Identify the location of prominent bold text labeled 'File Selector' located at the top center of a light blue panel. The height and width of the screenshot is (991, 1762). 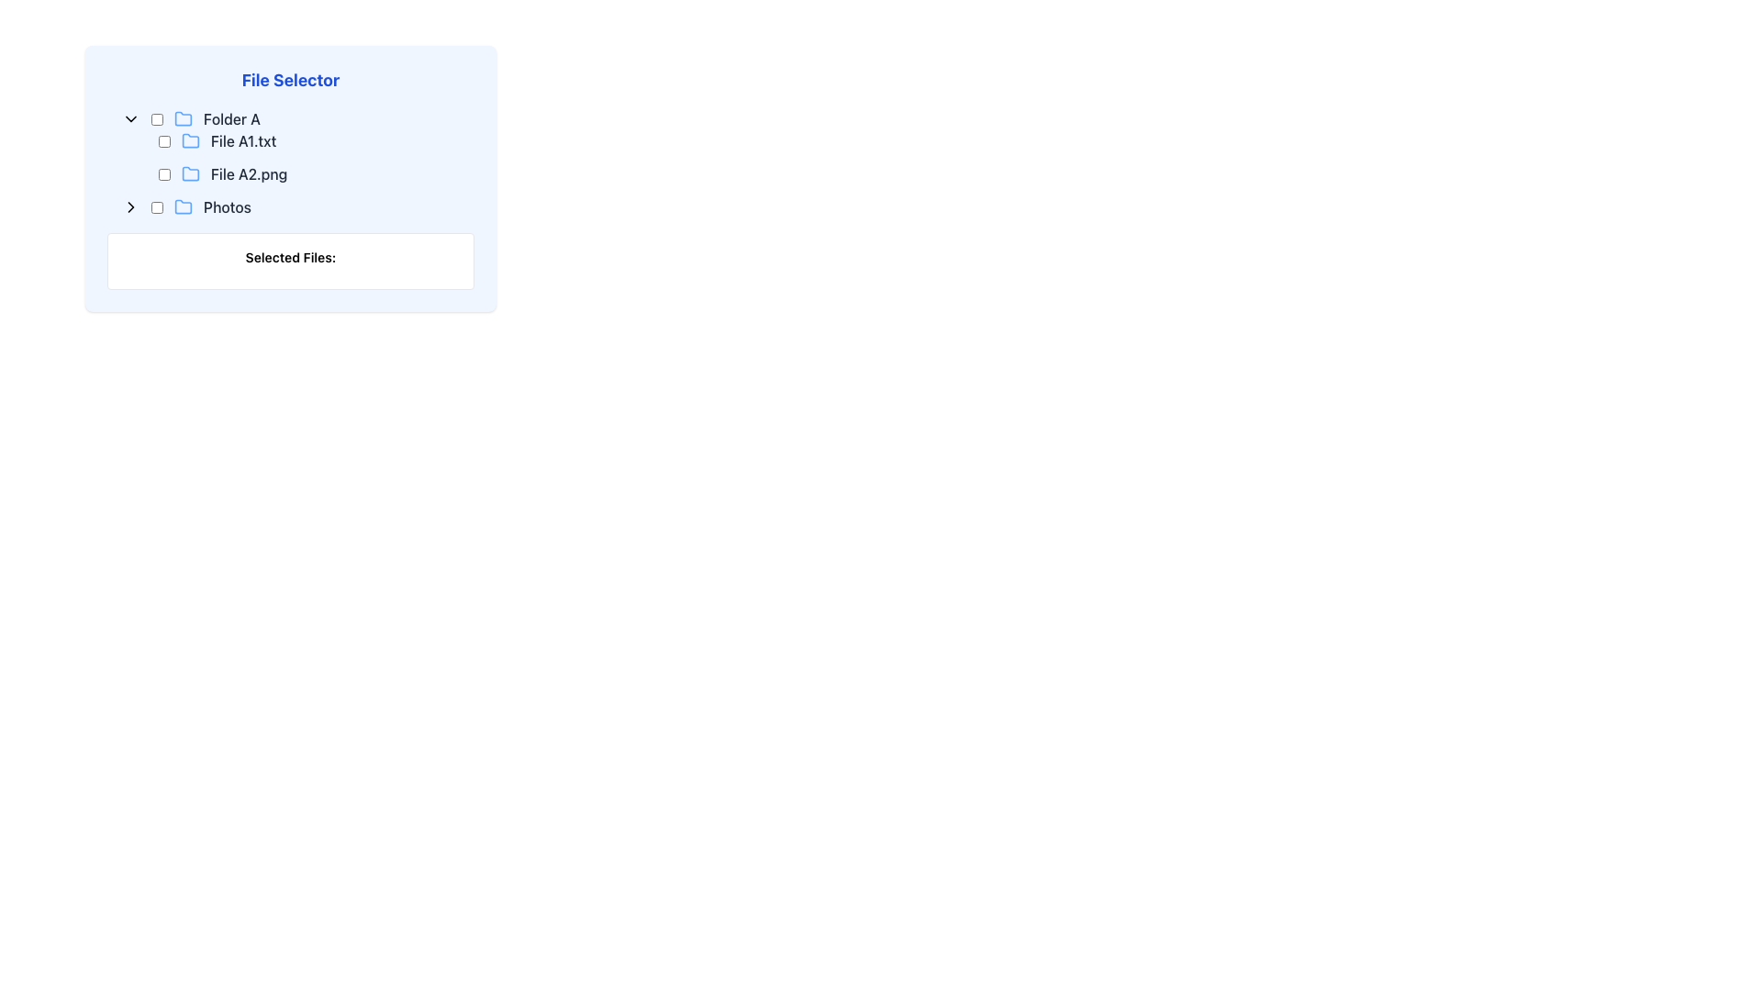
(289, 80).